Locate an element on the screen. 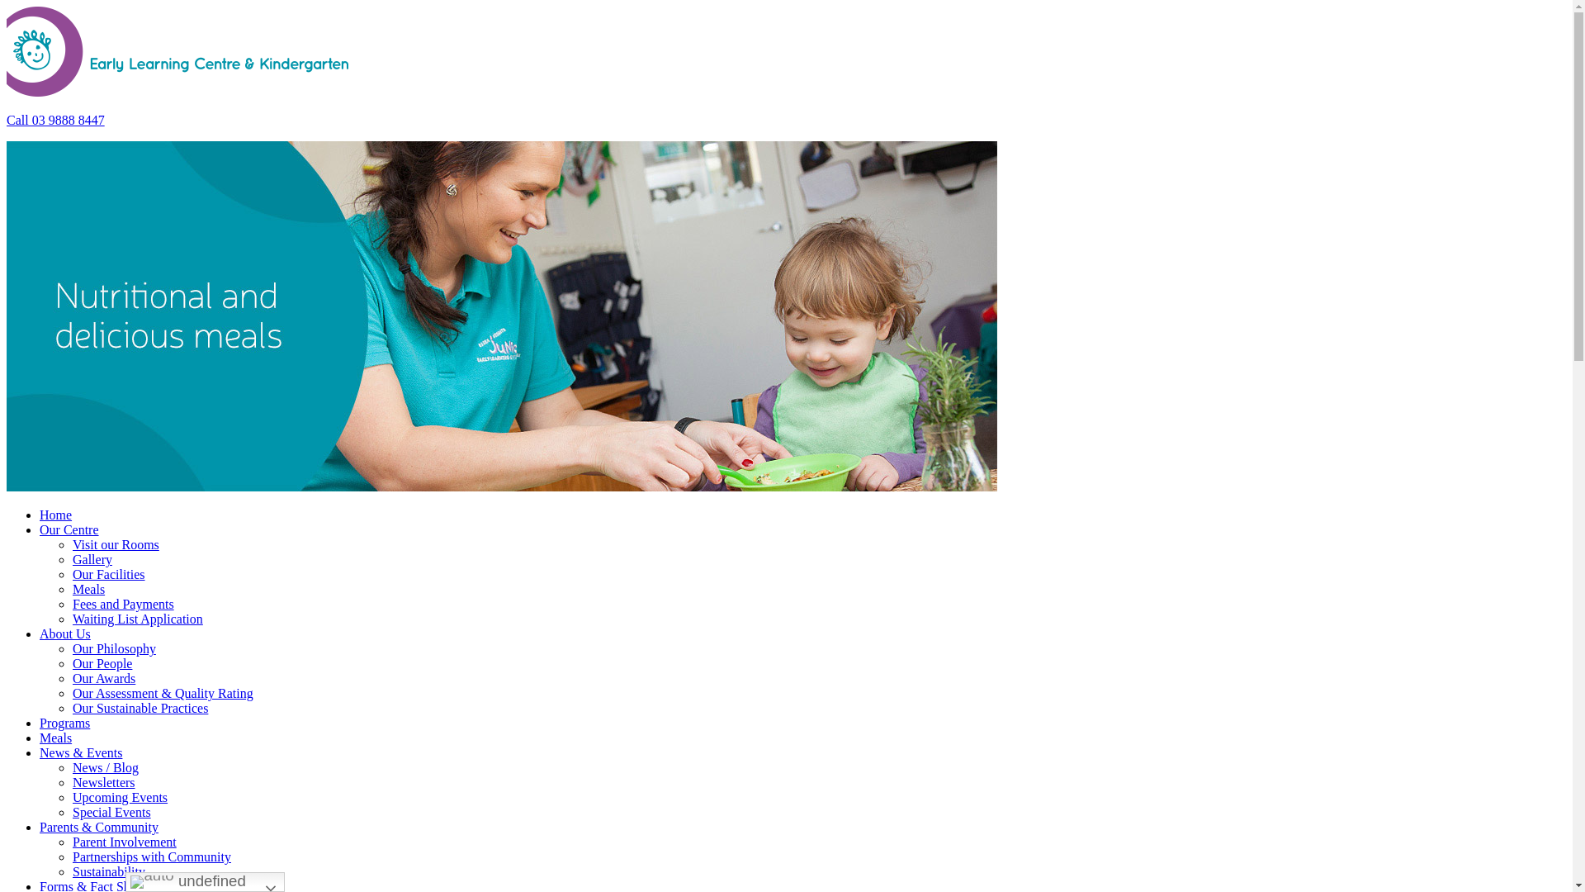  'Parent Involvement' is located at coordinates (123, 842).